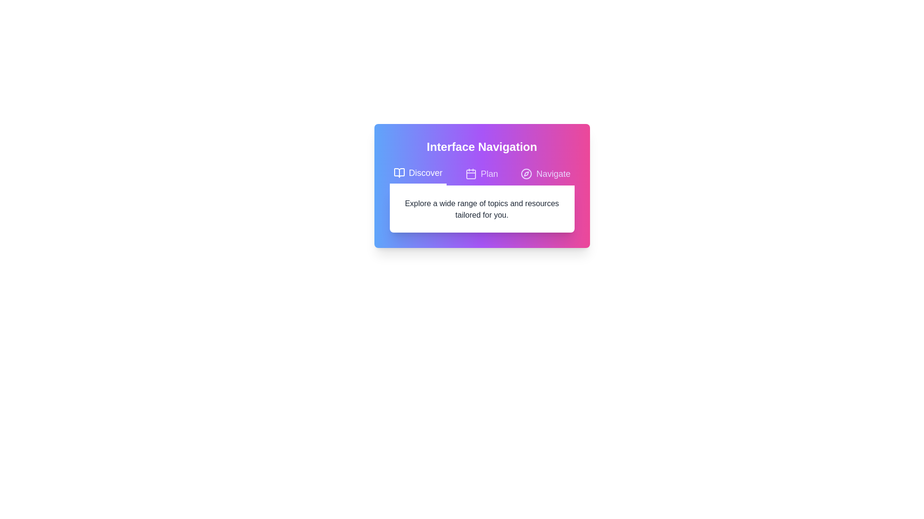  What do you see at coordinates (553, 174) in the screenshot?
I see `the 'Navigate' text label within the third tab of the horizontal tab layout` at bounding box center [553, 174].